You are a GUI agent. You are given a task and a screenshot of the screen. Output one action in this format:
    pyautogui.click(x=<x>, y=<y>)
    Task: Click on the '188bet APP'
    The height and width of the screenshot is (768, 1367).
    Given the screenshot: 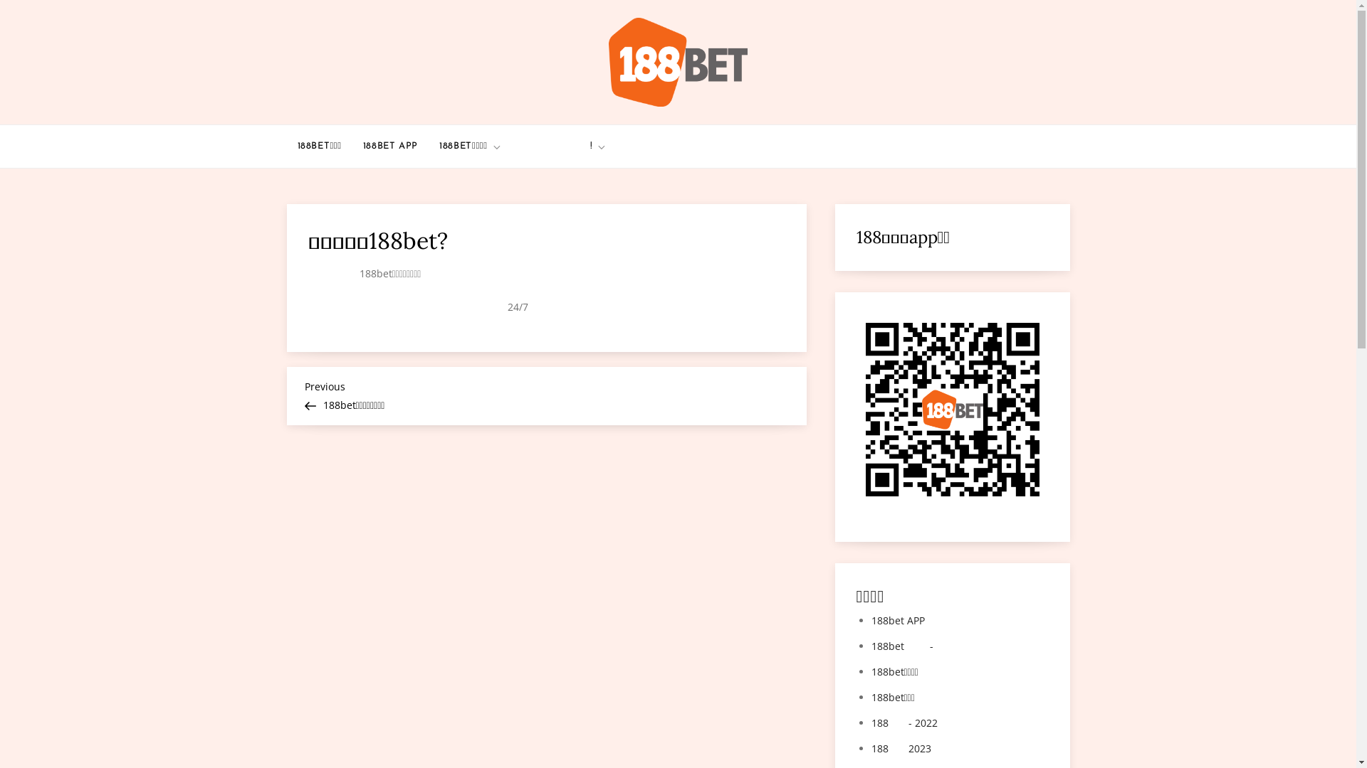 What is the action you would take?
    pyautogui.click(x=897, y=619)
    